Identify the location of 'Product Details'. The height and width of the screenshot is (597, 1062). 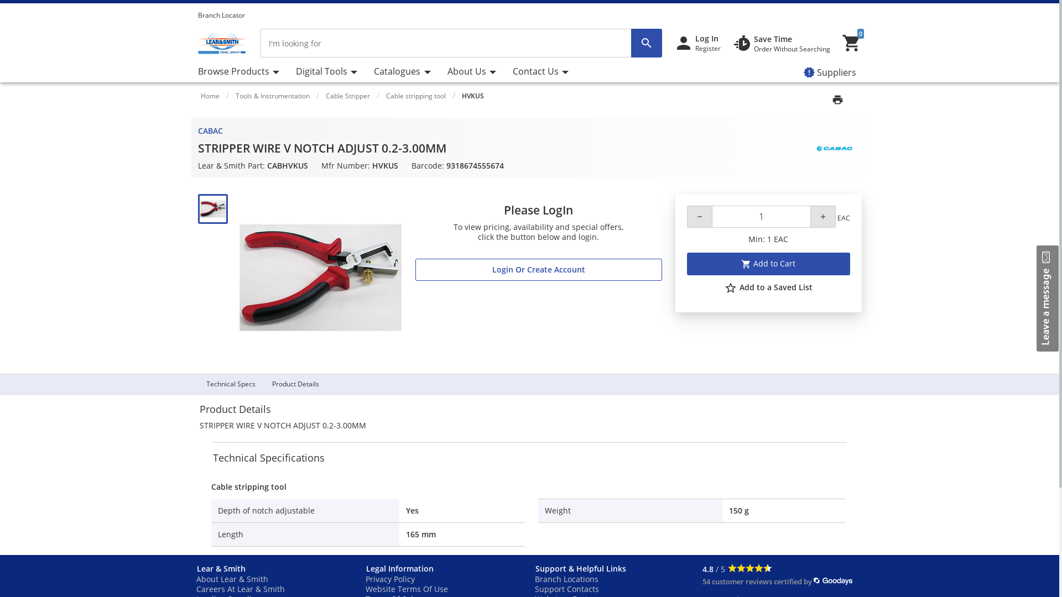
(262, 383).